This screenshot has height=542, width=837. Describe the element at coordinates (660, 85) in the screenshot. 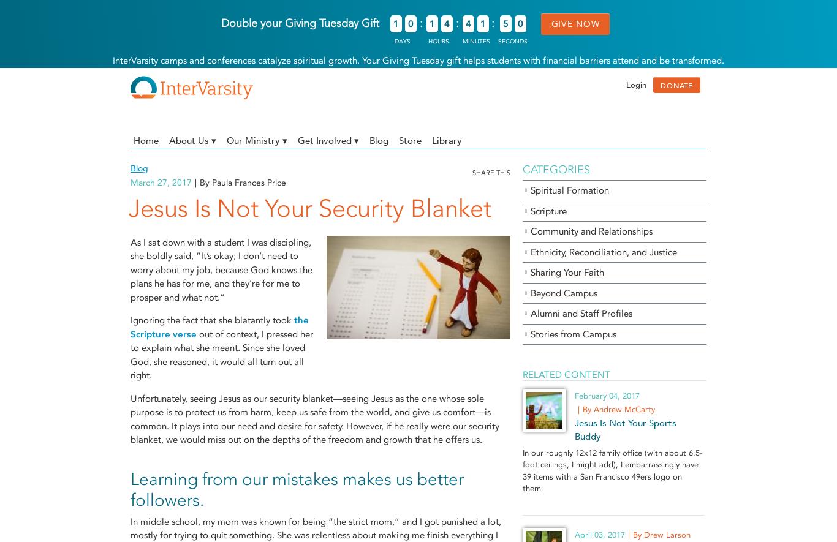

I see `'DONATE'` at that location.